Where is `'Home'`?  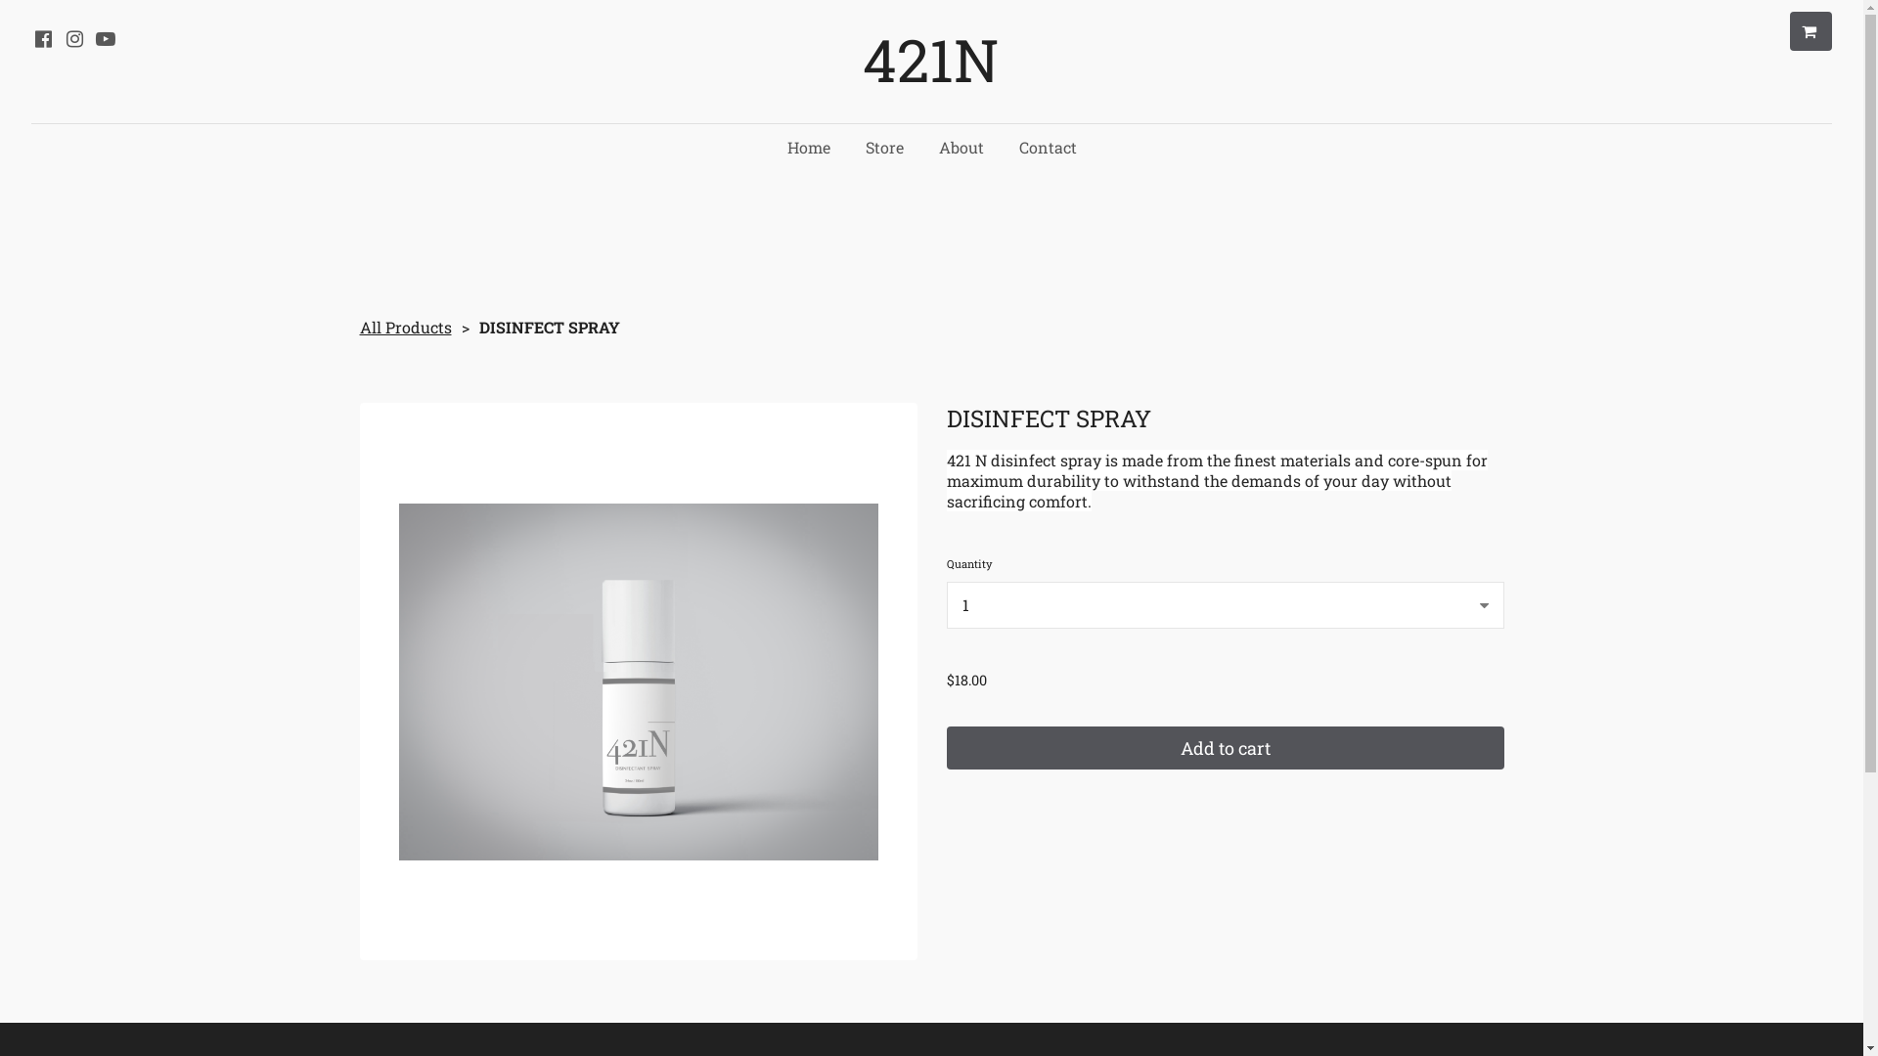
'Home' is located at coordinates (807, 146).